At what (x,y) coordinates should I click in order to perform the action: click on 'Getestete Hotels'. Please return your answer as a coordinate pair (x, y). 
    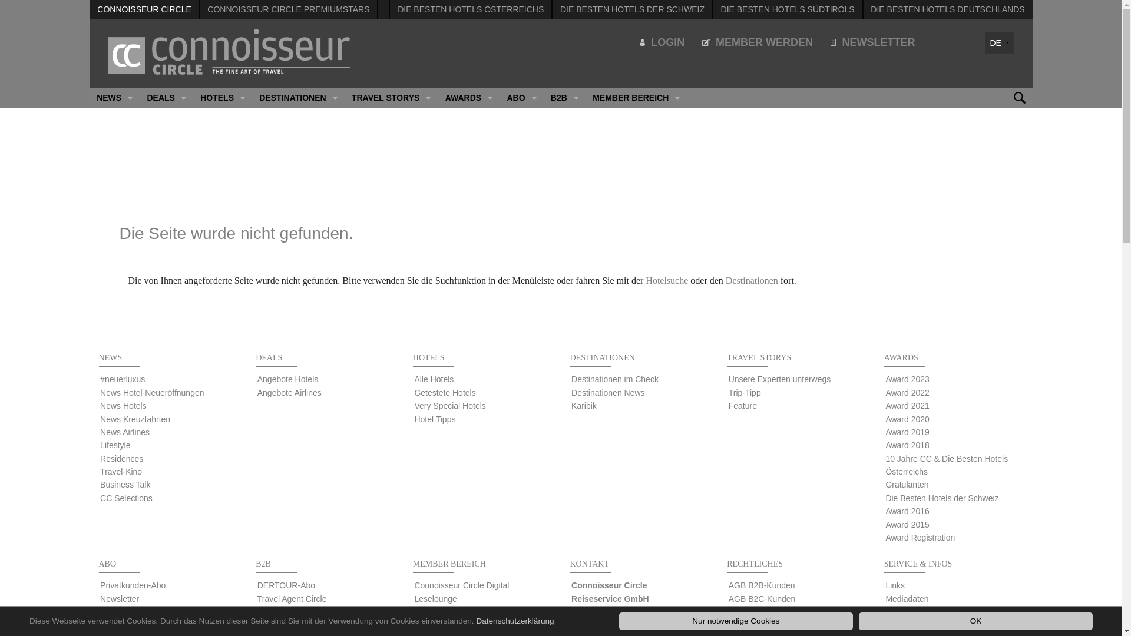
    Looking at the image, I should click on (444, 393).